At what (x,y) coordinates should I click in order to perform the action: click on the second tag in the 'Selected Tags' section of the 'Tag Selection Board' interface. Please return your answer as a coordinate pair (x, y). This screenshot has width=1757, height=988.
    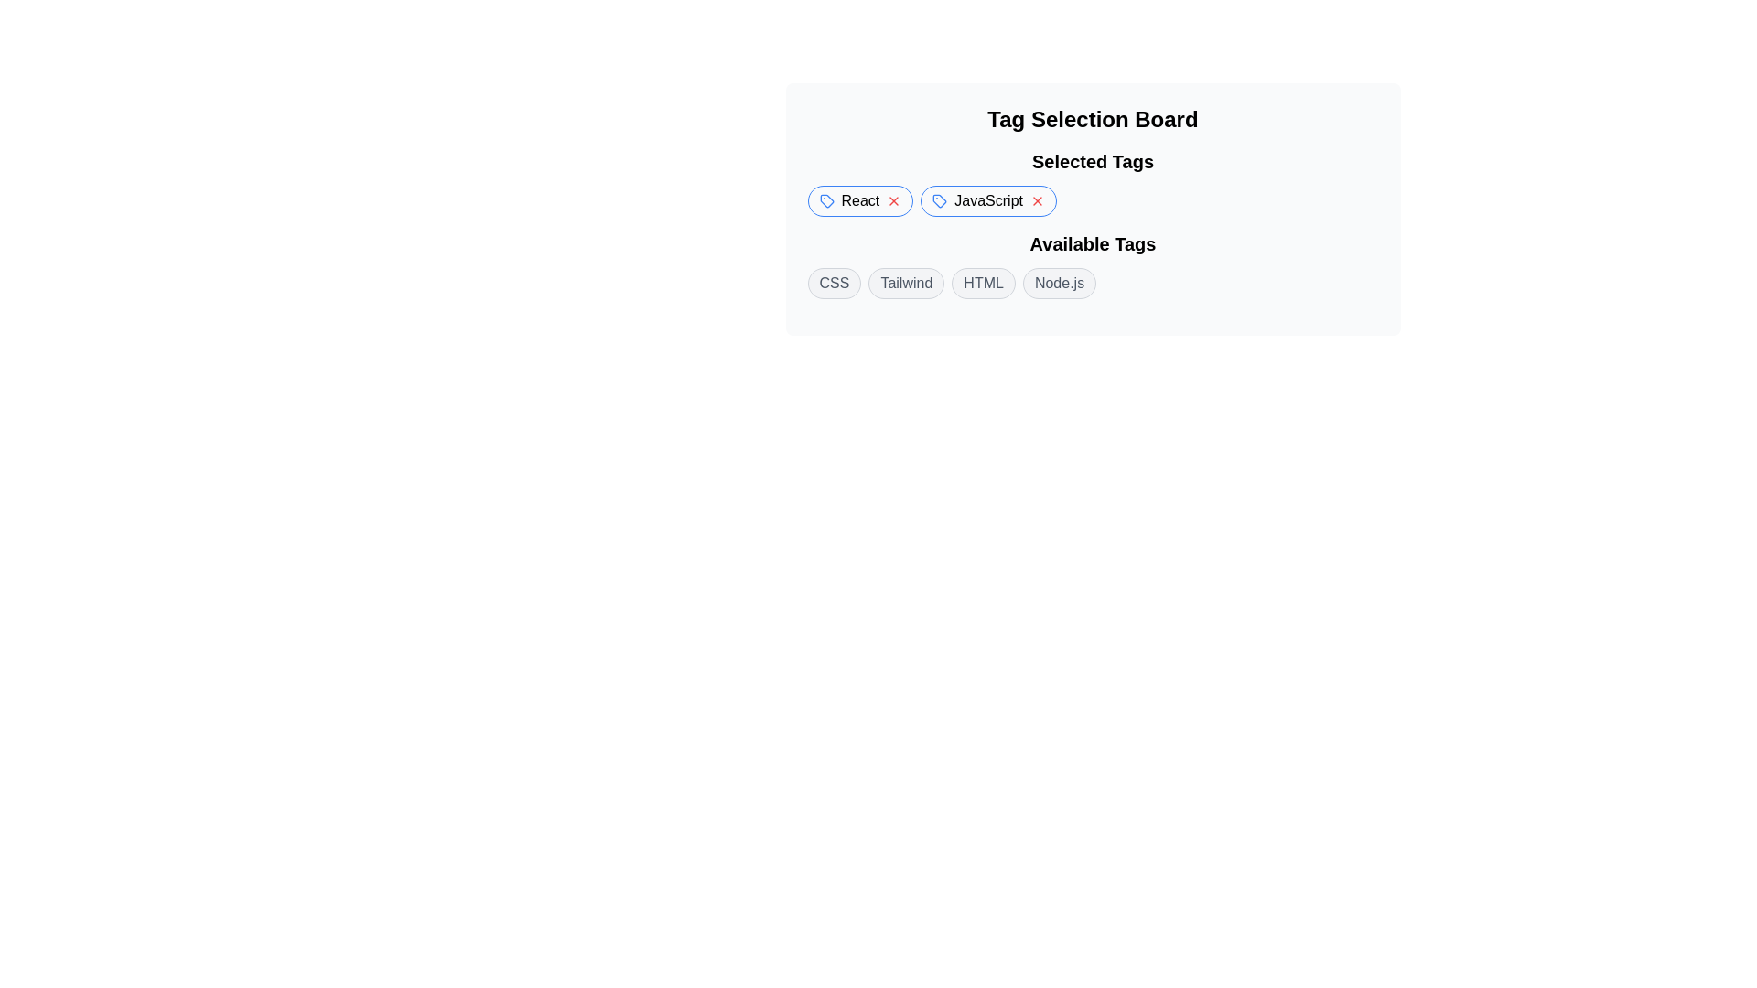
    Looking at the image, I should click on (987, 200).